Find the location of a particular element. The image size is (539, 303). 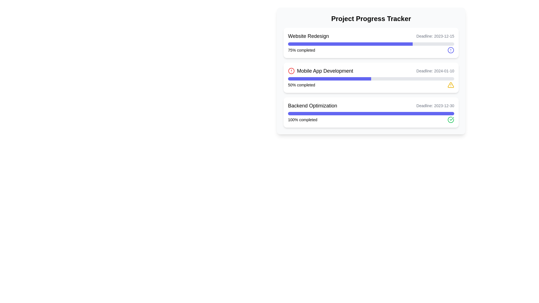

the graphical icon component that signifies a status or alert for the 'Website Redesign' task, located near the end of the progress bar at the top right of the task details card is located at coordinates (451, 50).